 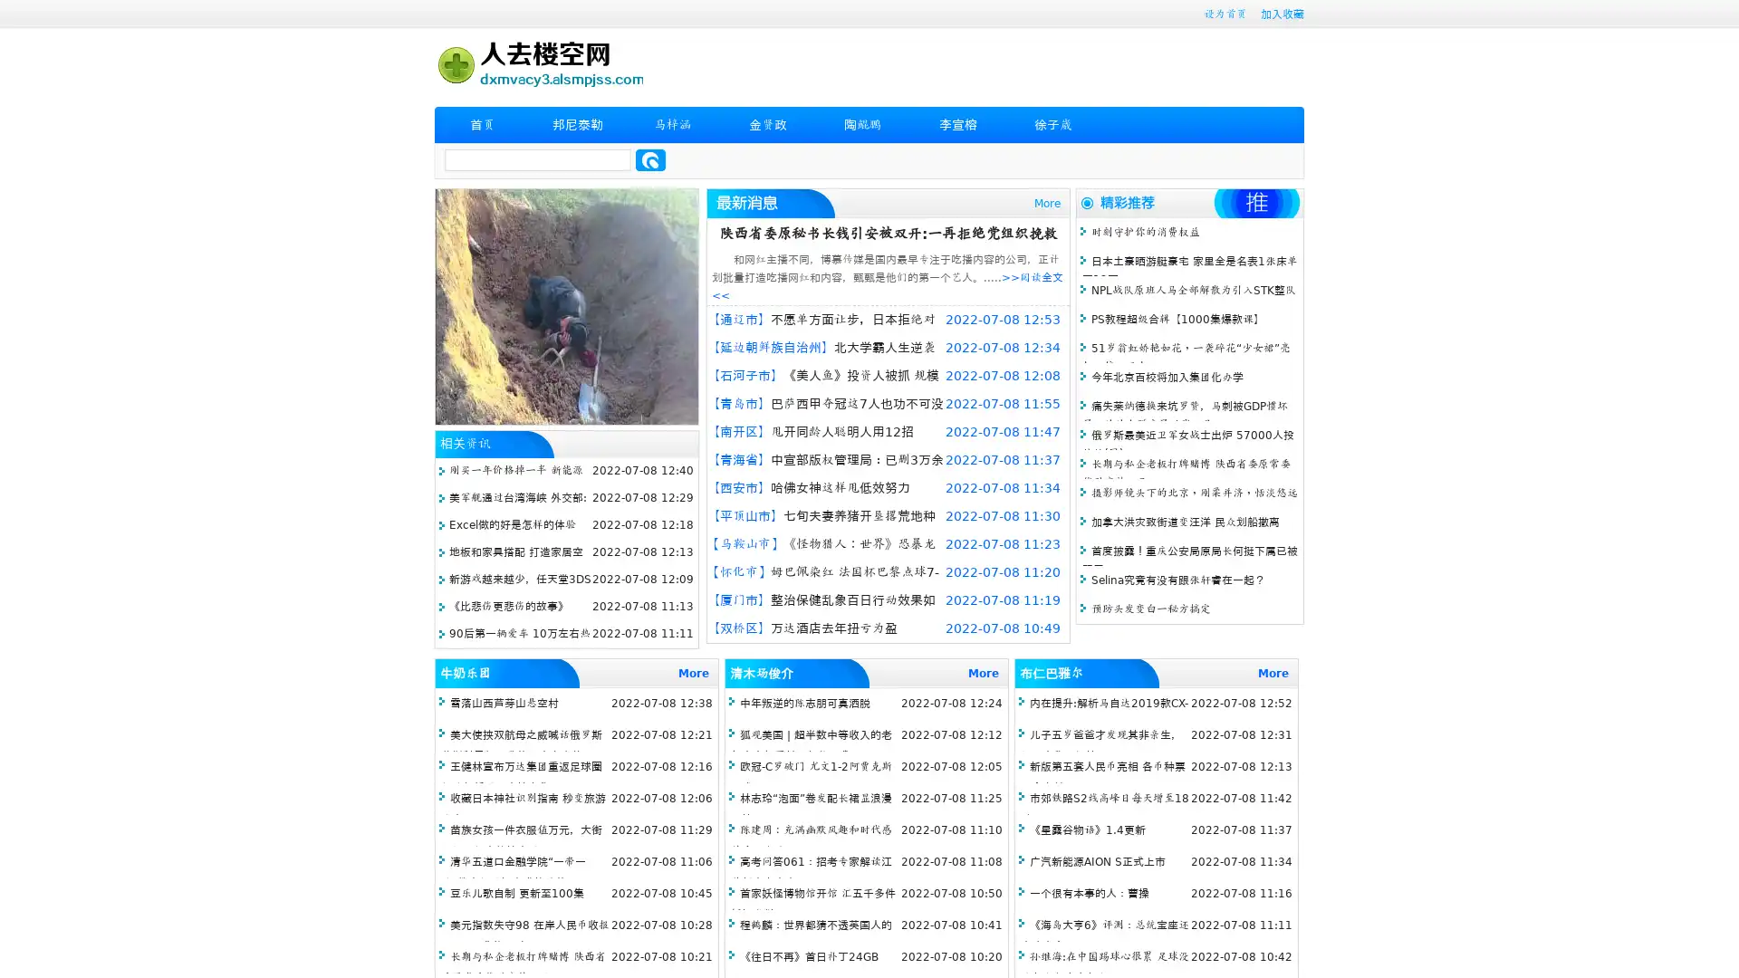 I want to click on Search, so click(x=650, y=159).